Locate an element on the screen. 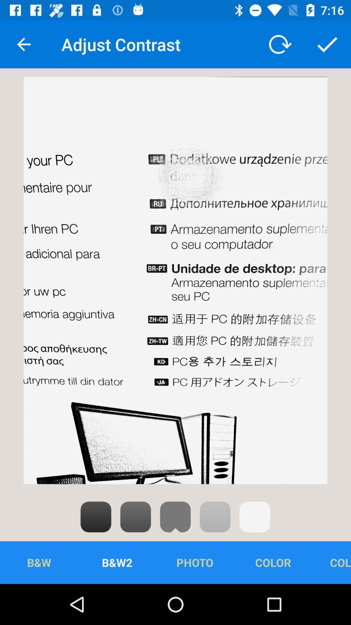 This screenshot has height=625, width=351. icon to the left of the adjust contrast is located at coordinates (23, 44).